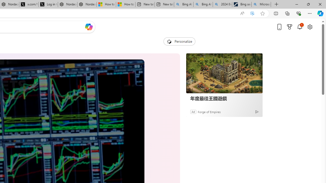 The width and height of the screenshot is (326, 183). What do you see at coordinates (276, 4) in the screenshot?
I see `'New Tab'` at bounding box center [276, 4].